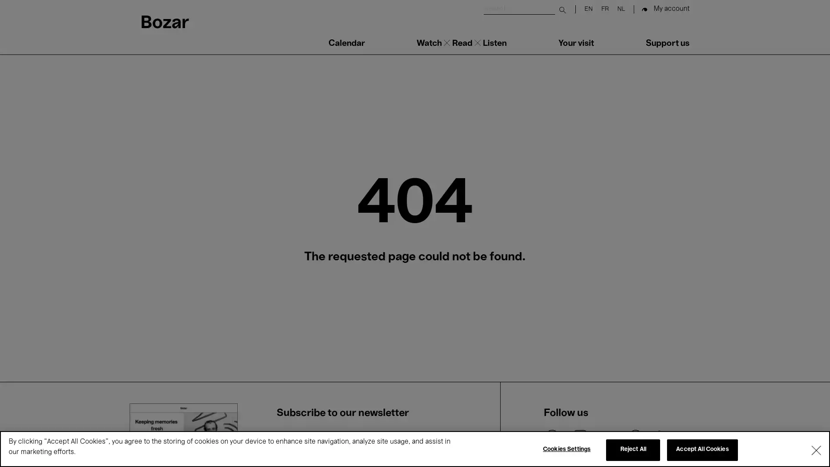 The width and height of the screenshot is (830, 467). I want to click on Submit search, so click(562, 10).